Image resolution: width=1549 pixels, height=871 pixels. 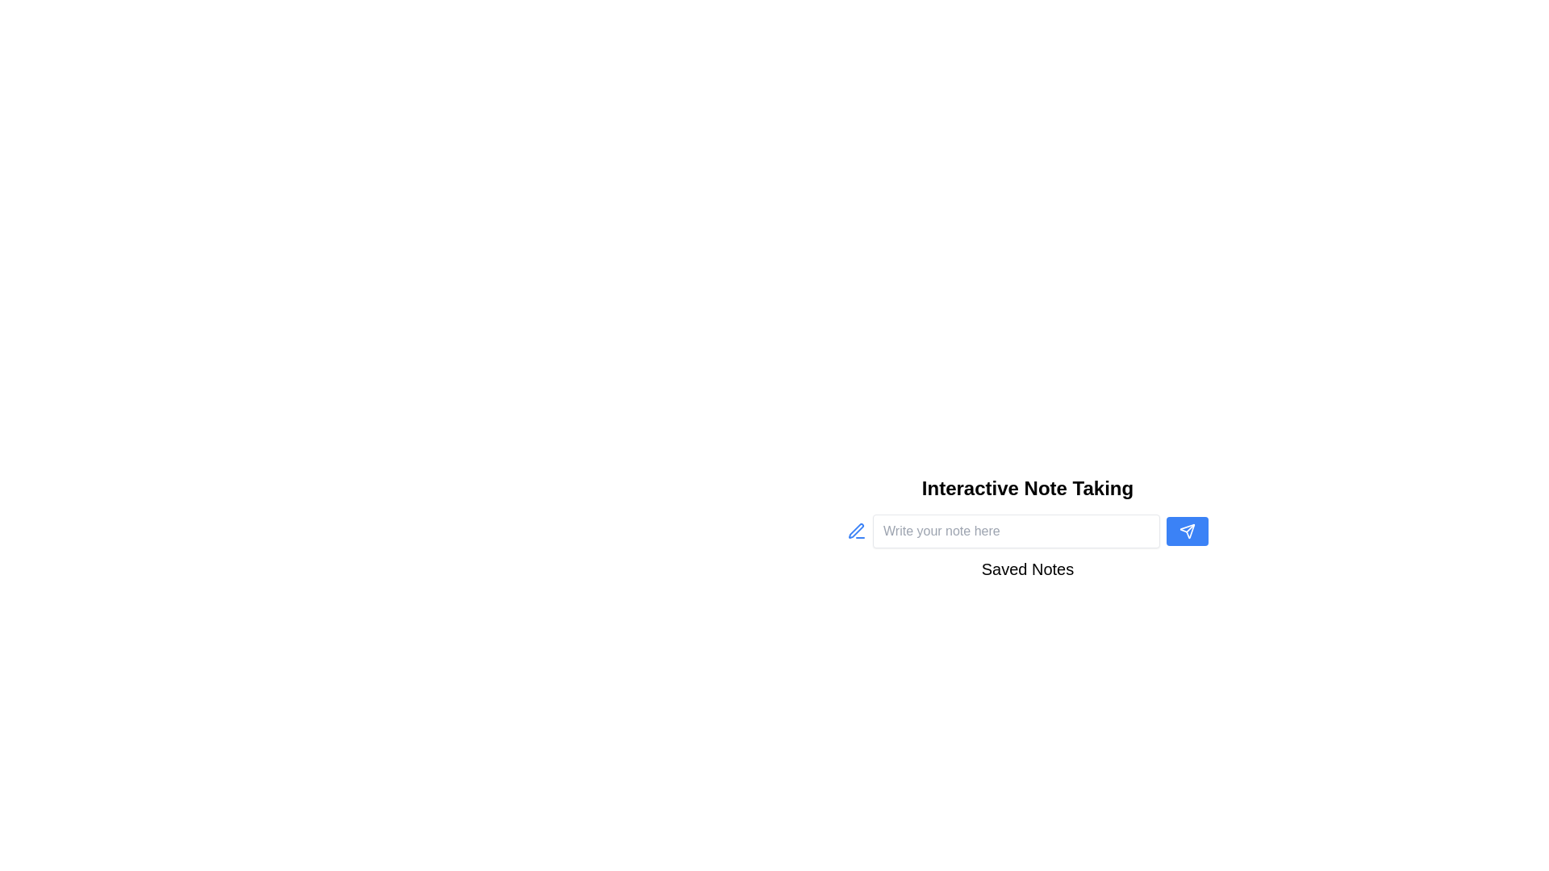 I want to click on the Static Text element displaying 'Saved Notes', which is centrally aligned and located below the 'Write your note here' input area and send icon within the 'Interactive Note Taking' section, so click(x=1026, y=571).